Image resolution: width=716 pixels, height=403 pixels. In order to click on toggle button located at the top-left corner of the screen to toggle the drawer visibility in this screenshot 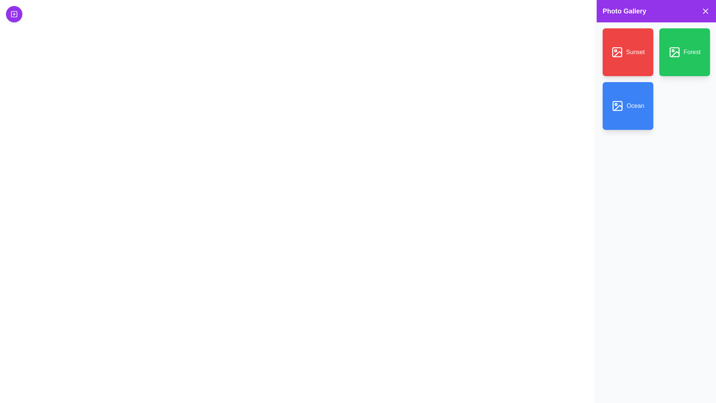, I will do `click(14, 14)`.